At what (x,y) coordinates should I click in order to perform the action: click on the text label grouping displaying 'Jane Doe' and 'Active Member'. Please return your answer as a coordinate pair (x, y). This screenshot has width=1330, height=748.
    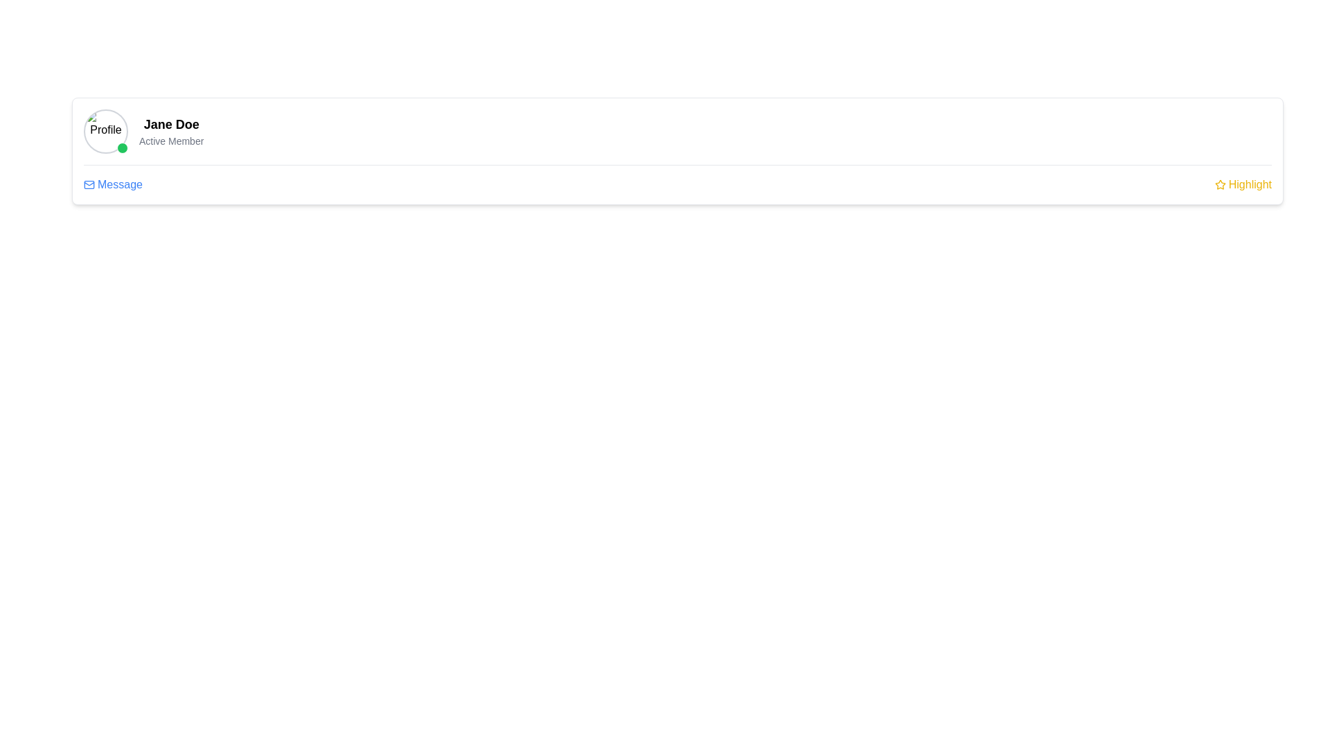
    Looking at the image, I should click on (170, 131).